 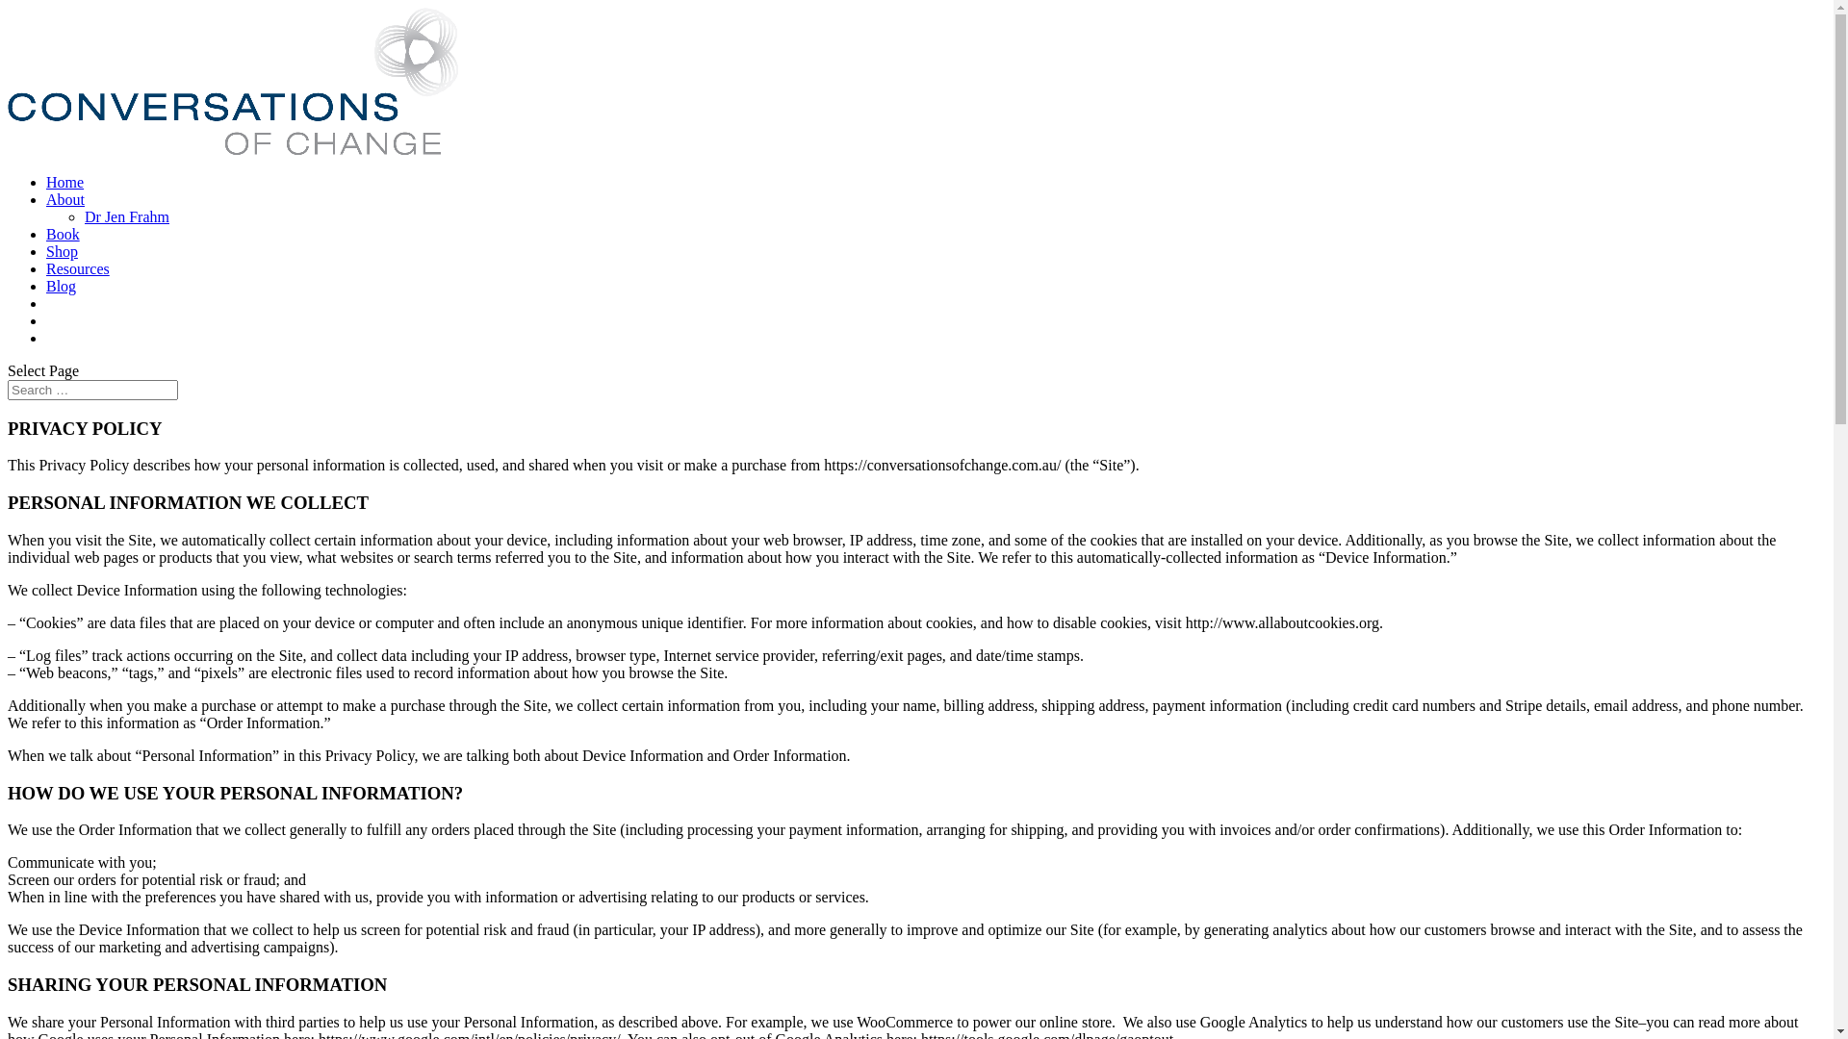 What do you see at coordinates (63, 233) in the screenshot?
I see `'Book'` at bounding box center [63, 233].